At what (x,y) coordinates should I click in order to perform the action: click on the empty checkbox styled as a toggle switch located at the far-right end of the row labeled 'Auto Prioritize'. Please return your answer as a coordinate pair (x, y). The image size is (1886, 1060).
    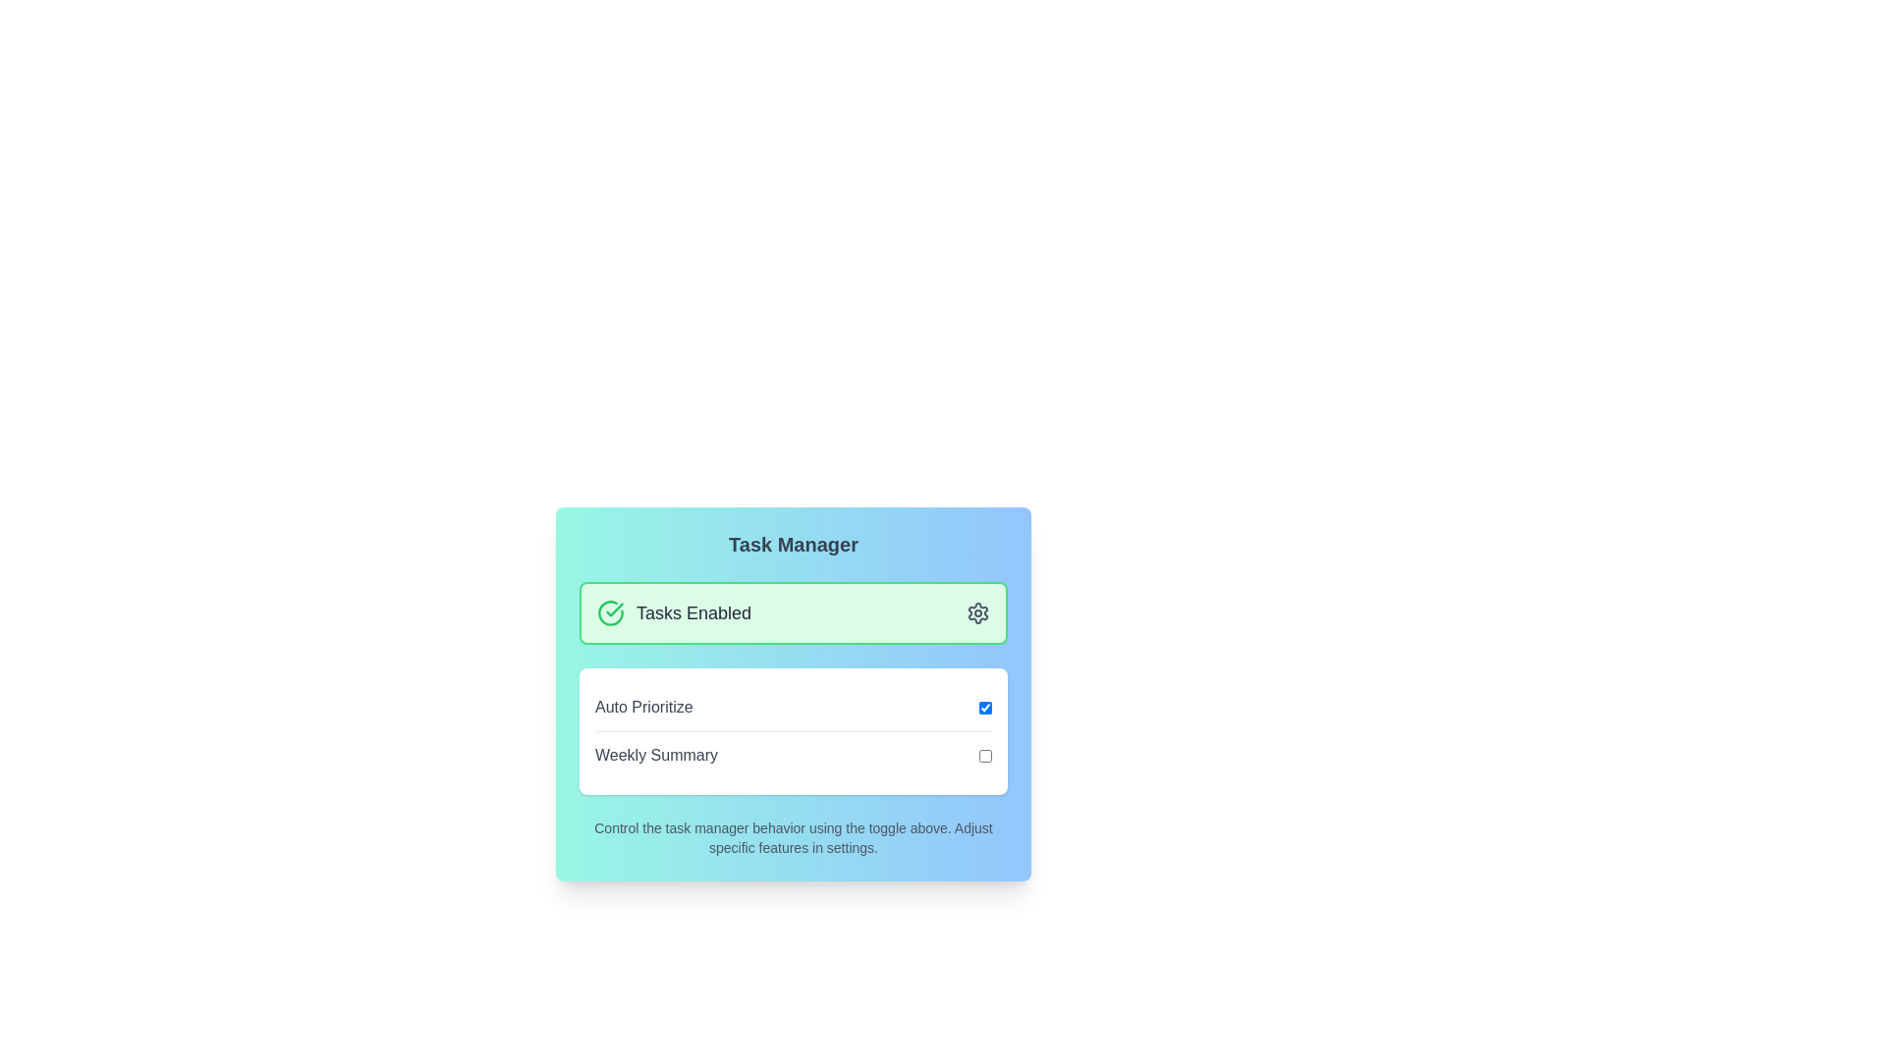
    Looking at the image, I should click on (985, 708).